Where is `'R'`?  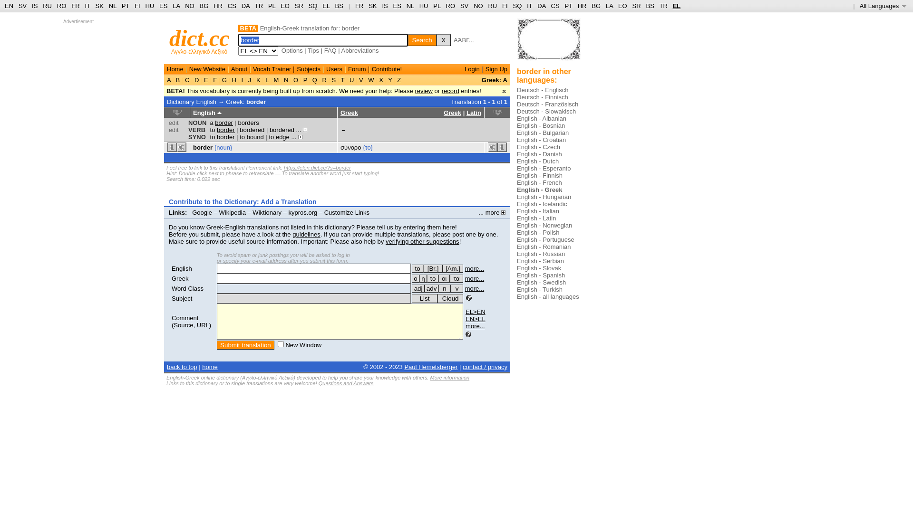
'R' is located at coordinates (324, 79).